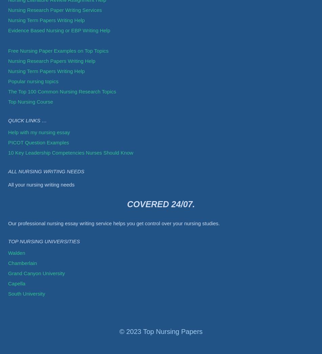 This screenshot has width=322, height=354. I want to click on 'Free Nursing Paper Examples on Top Topics', so click(58, 50).